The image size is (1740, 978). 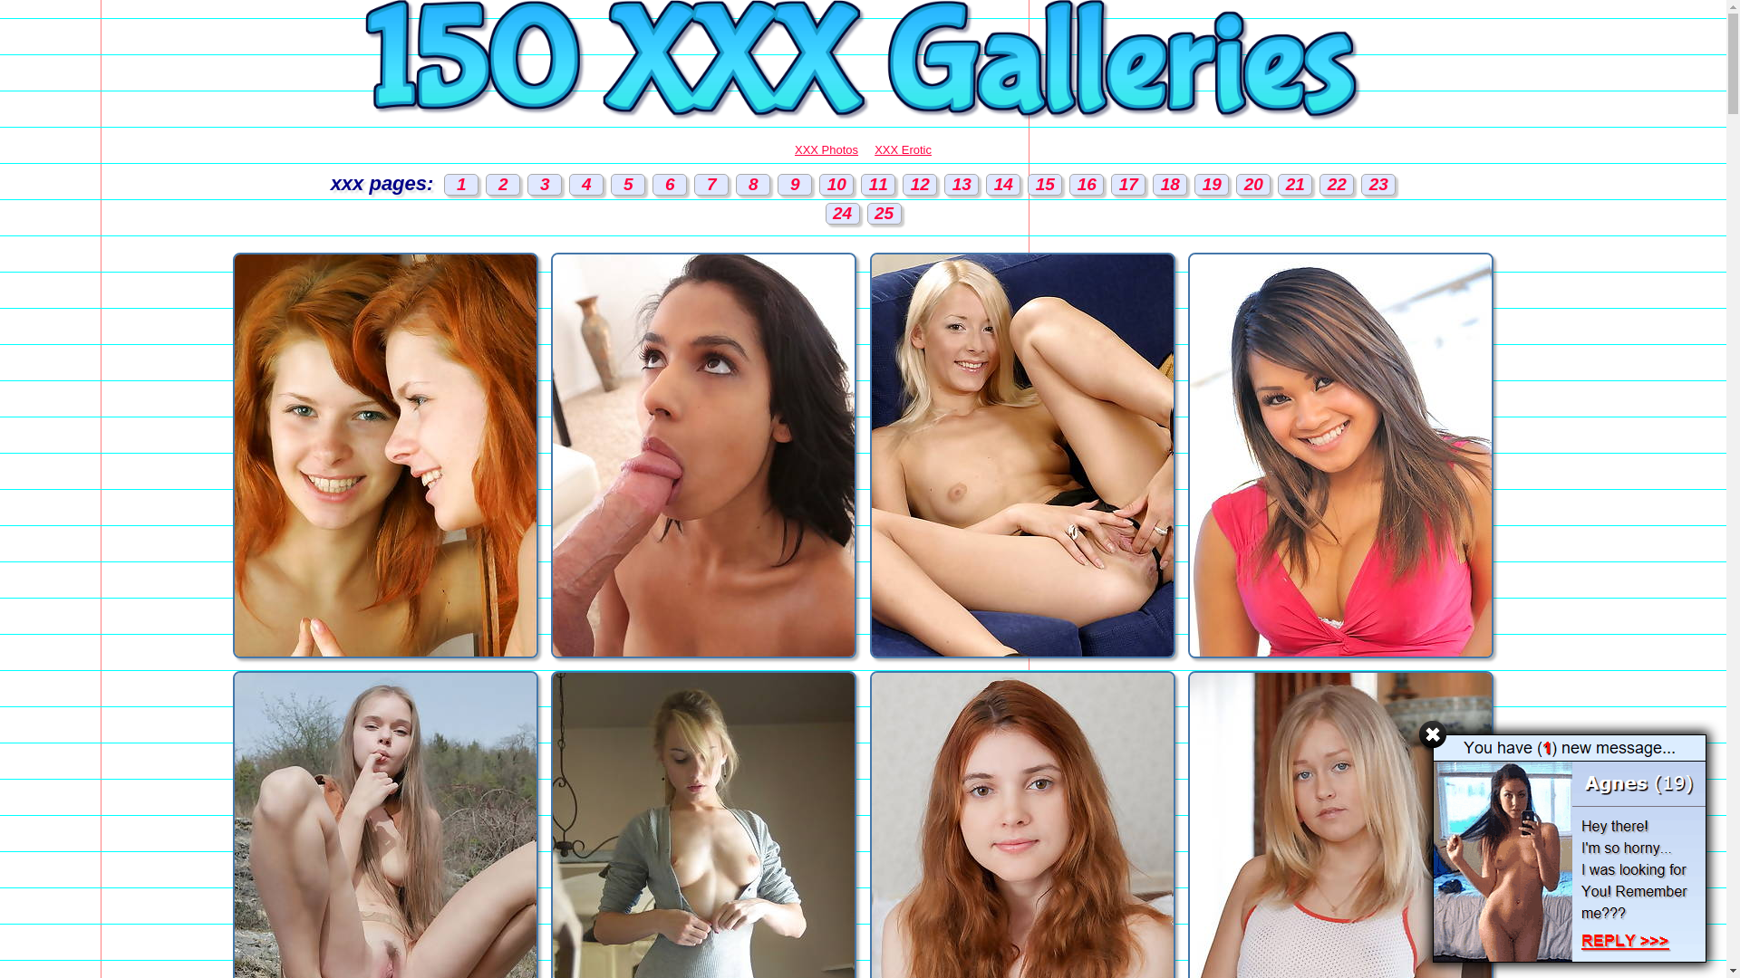 I want to click on '20', so click(x=1234, y=185).